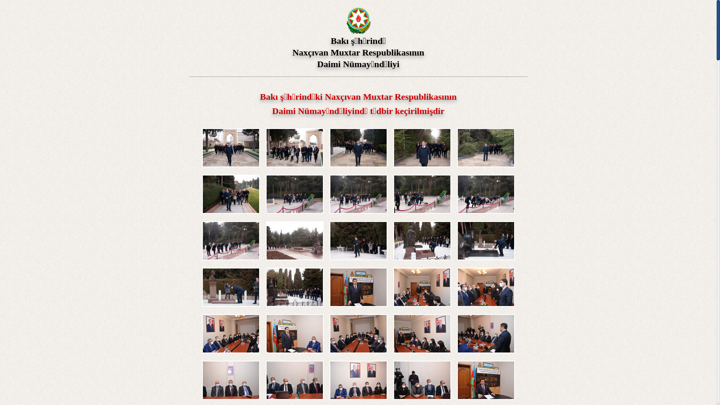  What do you see at coordinates (421, 380) in the screenshot?
I see `'Click to enlarge'` at bounding box center [421, 380].